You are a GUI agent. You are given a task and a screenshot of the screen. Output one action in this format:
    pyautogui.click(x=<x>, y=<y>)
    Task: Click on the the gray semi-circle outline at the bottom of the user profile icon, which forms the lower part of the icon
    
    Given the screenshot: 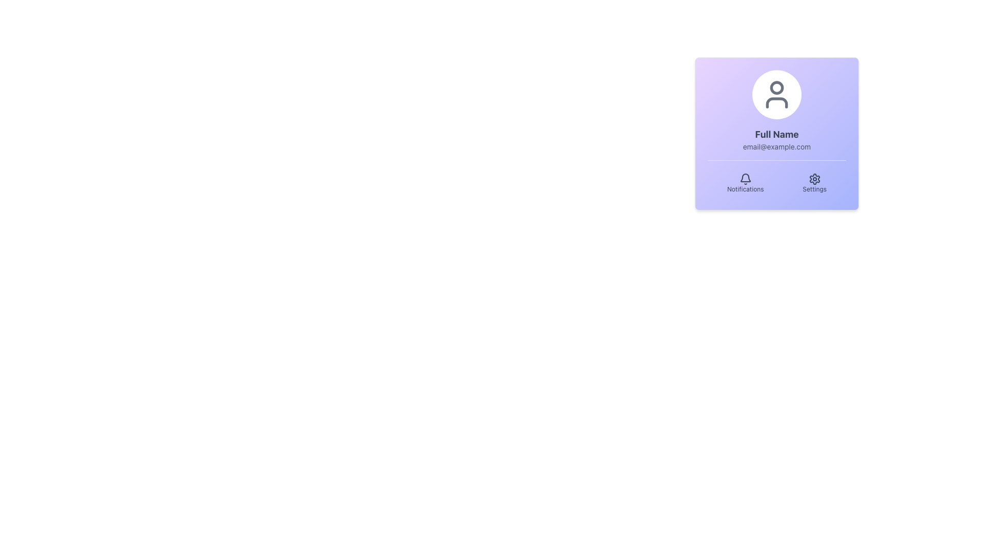 What is the action you would take?
    pyautogui.click(x=777, y=102)
    